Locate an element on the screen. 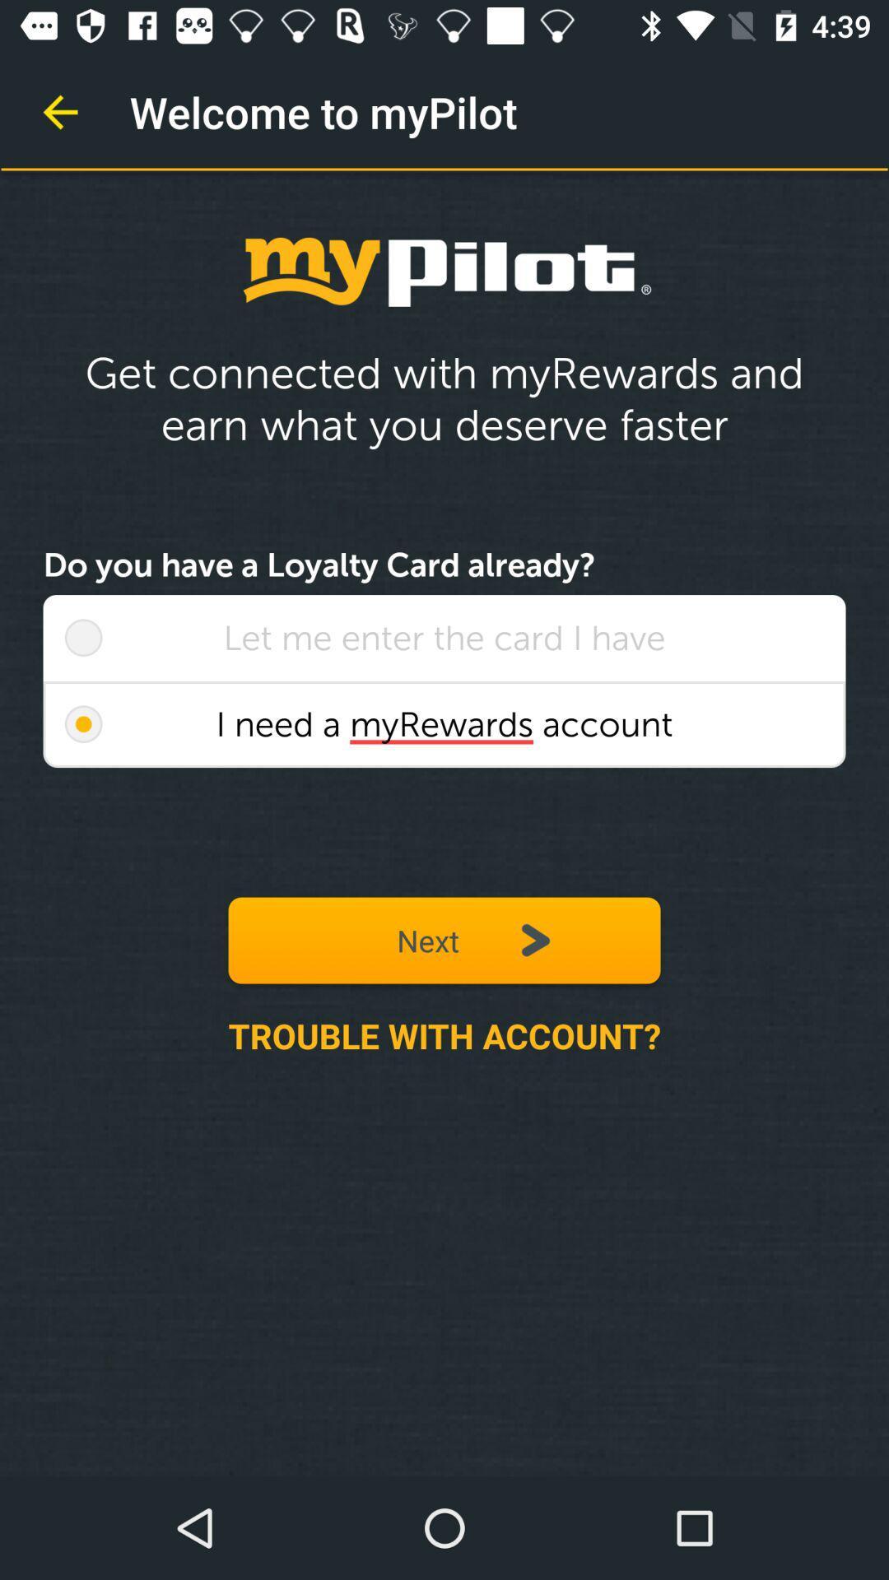 This screenshot has height=1580, width=889. item at the top left corner is located at coordinates (59, 111).